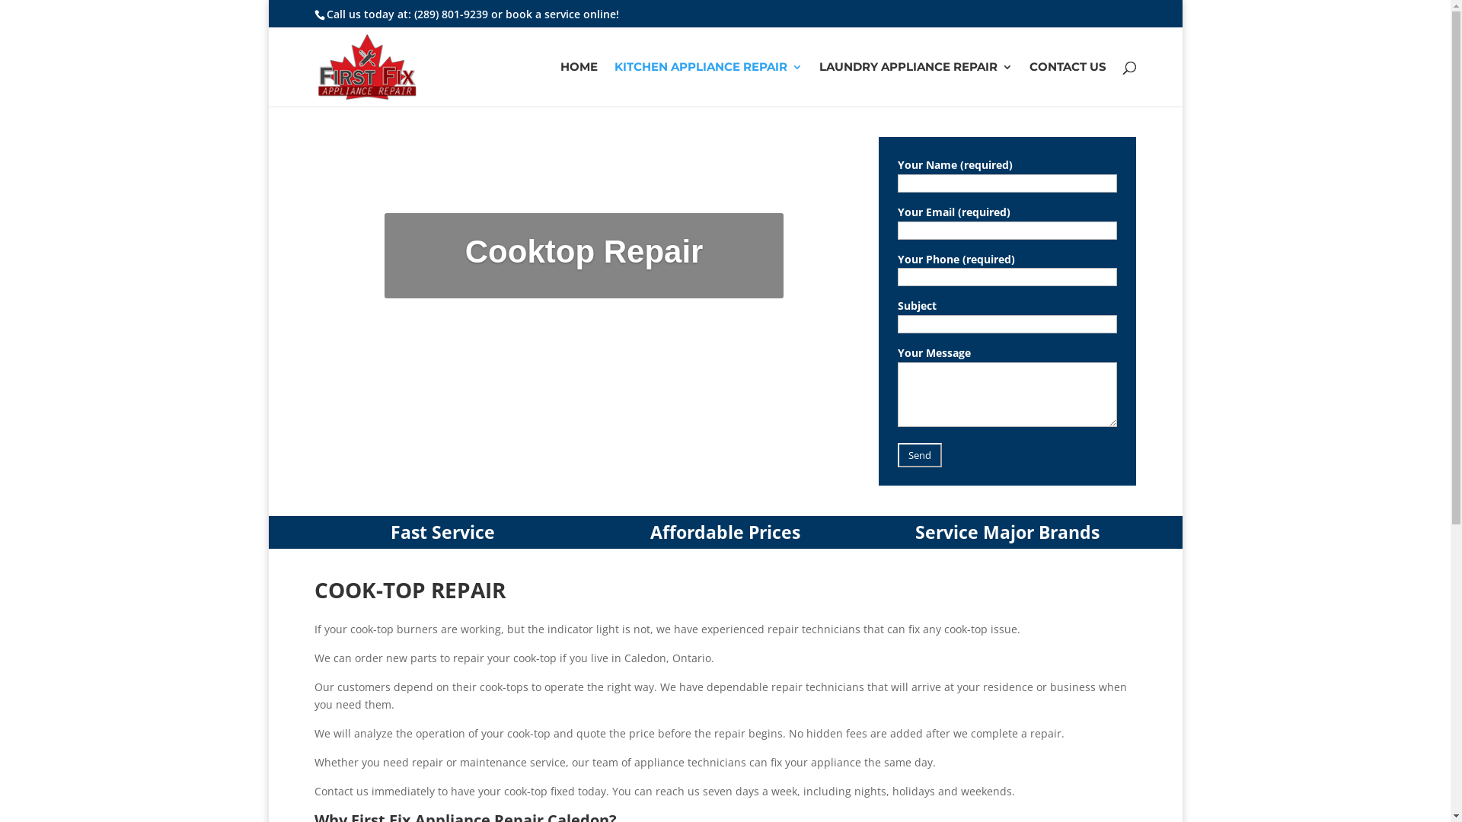 This screenshot has height=822, width=1462. I want to click on 'HOME', so click(578, 84).